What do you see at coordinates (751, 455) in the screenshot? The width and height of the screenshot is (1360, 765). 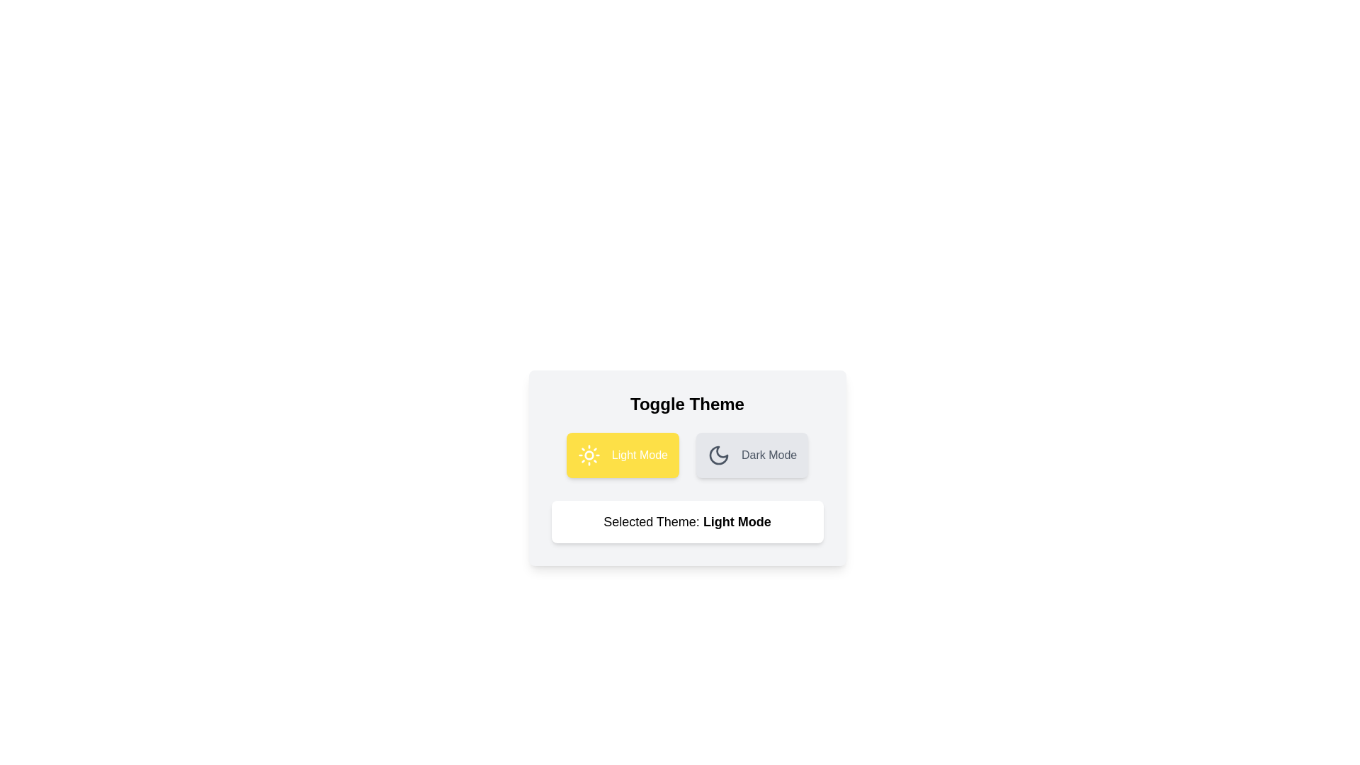 I see `the 'Dark Mode' button to activate the dark theme` at bounding box center [751, 455].